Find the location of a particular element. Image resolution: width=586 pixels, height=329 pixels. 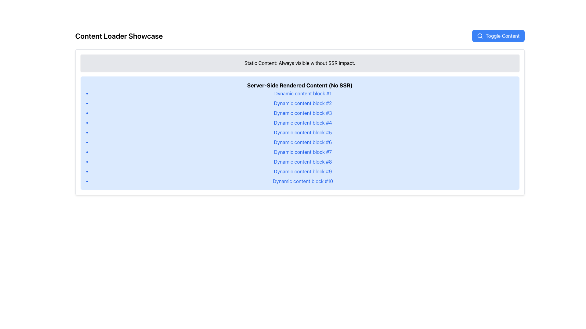

the fifth item in a bulleted list that reads 'Dynamic content block #5', styled in blue text against a light blue background is located at coordinates (303, 132).